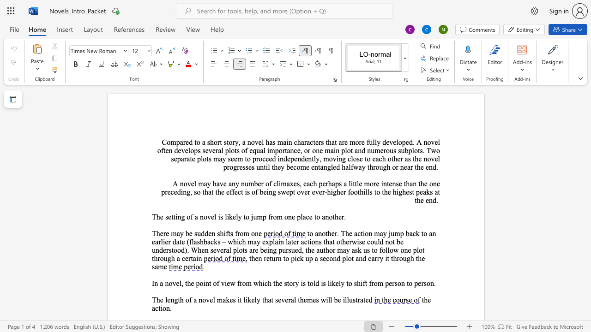  What do you see at coordinates (215, 142) in the screenshot?
I see `the 3th character "o" in the text` at bounding box center [215, 142].